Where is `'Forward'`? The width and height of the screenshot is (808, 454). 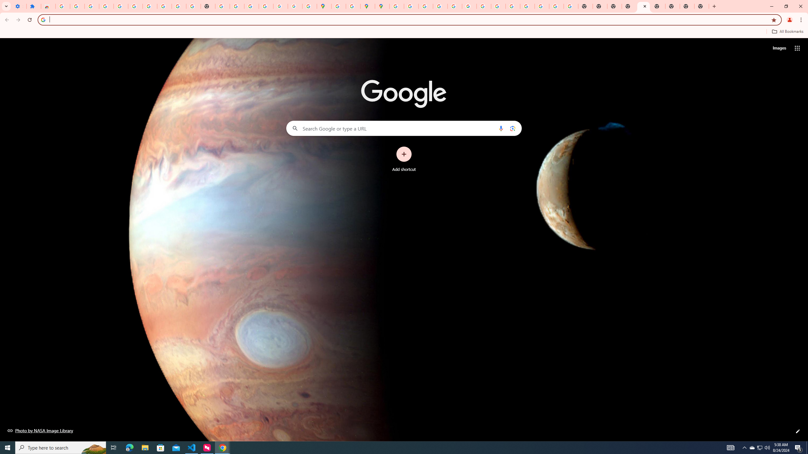 'Forward' is located at coordinates (18, 20).